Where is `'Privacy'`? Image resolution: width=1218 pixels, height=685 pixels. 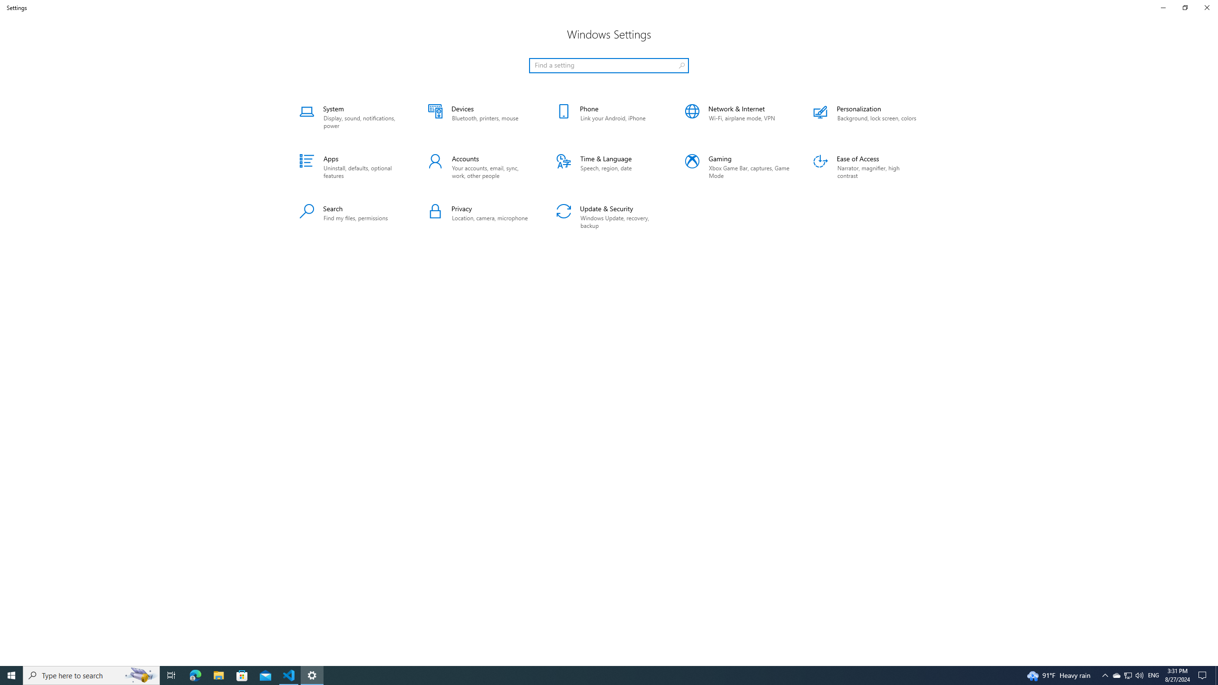
'Privacy' is located at coordinates (480, 217).